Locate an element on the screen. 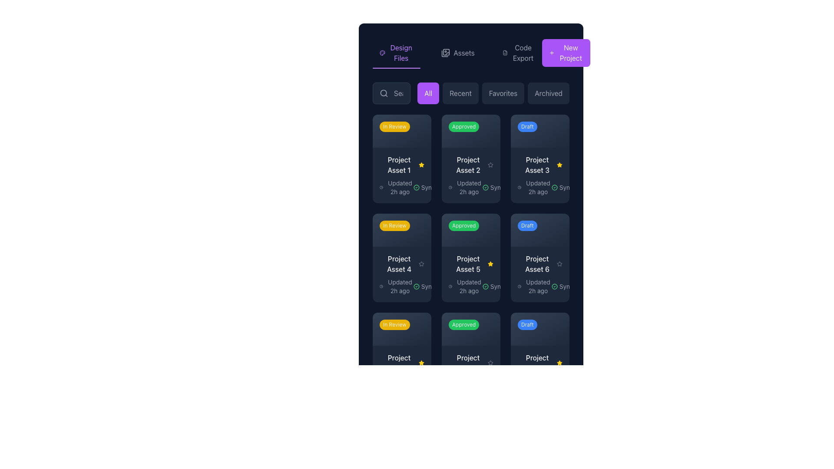  the search icon represented by a minimalist magnifying glass symbol, located on the top left of the interface, directly left of the 'Search assets...' text input field is located at coordinates (383, 93).